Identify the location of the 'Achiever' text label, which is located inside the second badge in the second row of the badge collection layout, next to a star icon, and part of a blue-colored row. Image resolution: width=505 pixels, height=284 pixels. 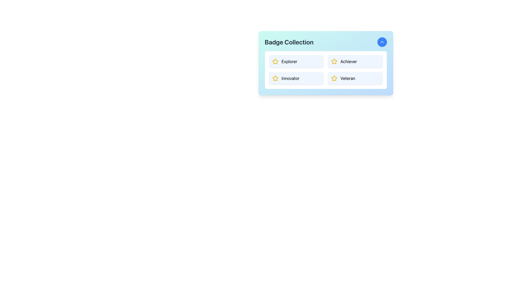
(349, 61).